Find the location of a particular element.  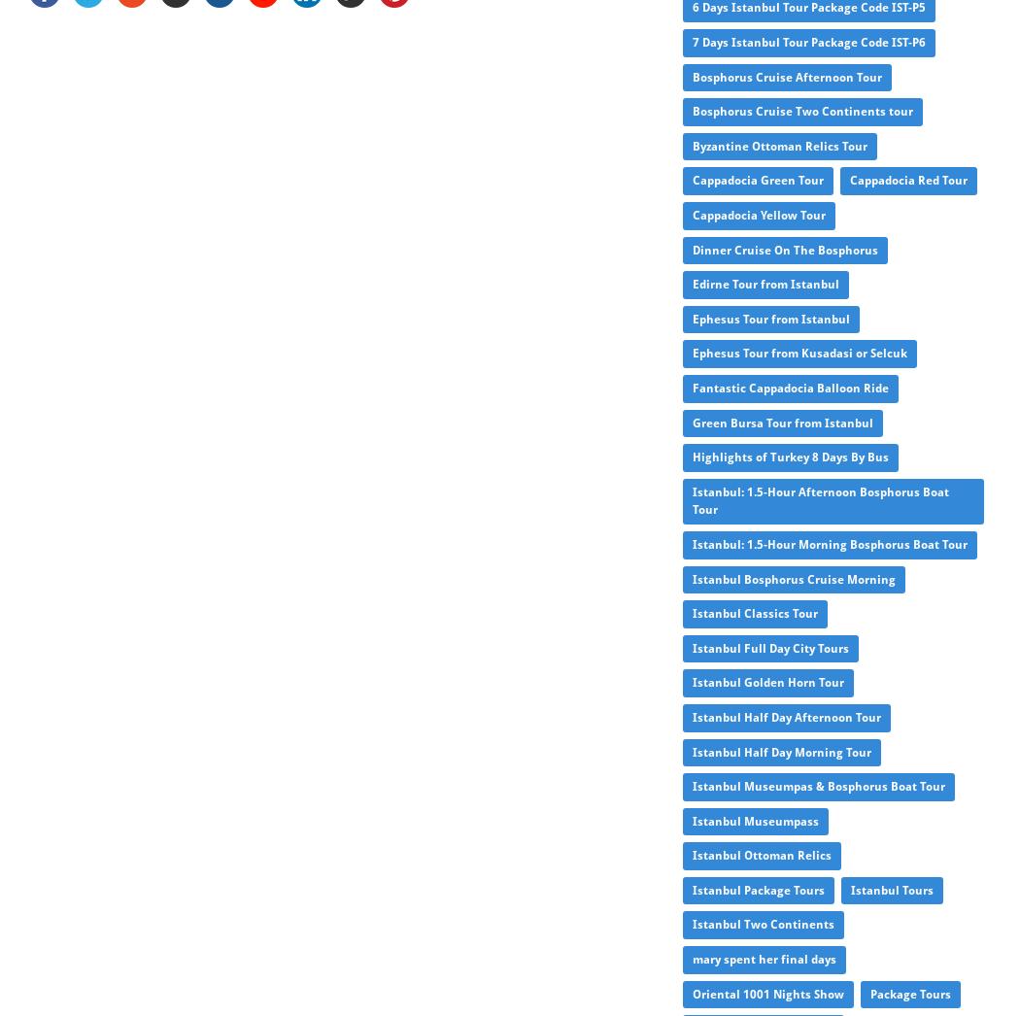

'mary spent her final days' is located at coordinates (764, 959).